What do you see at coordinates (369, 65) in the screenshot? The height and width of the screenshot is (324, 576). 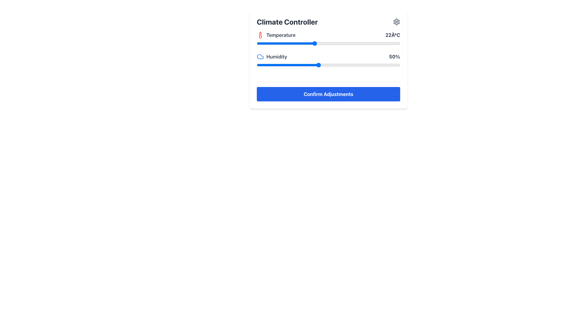 I see `the humidity` at bounding box center [369, 65].